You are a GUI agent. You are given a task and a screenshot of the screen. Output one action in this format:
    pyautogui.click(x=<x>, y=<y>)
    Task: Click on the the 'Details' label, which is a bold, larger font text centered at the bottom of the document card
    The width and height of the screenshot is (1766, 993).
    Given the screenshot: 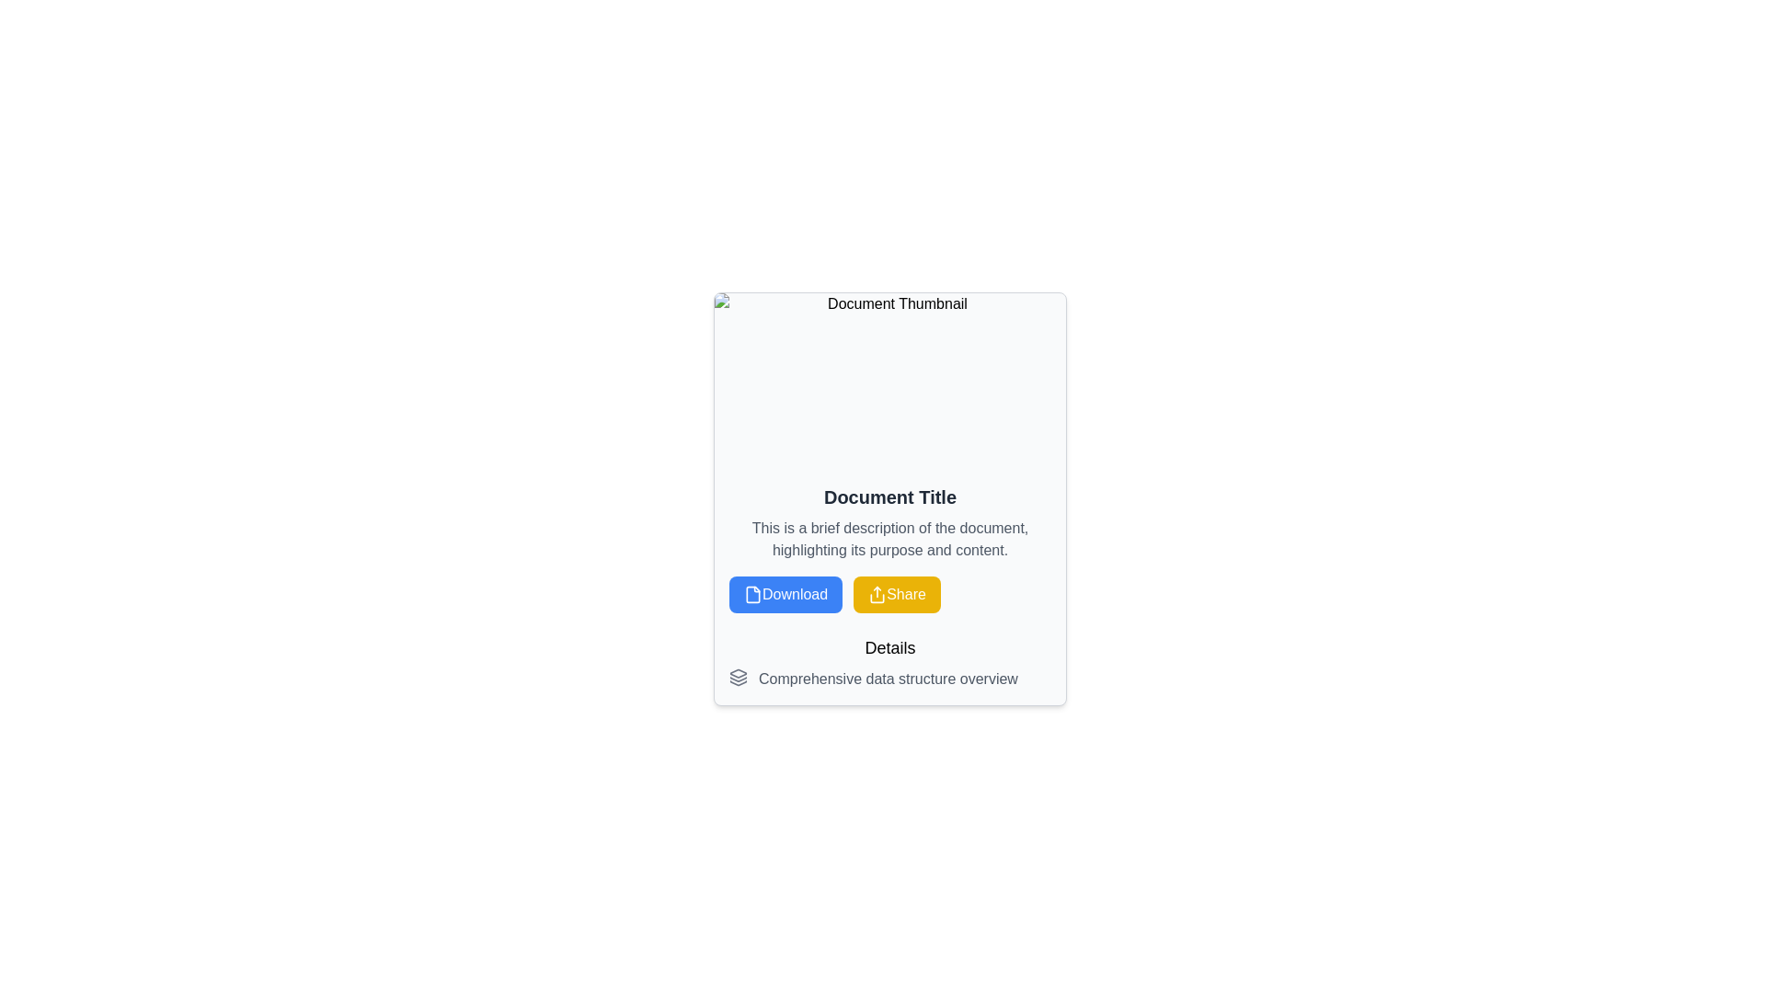 What is the action you would take?
    pyautogui.click(x=890, y=647)
    